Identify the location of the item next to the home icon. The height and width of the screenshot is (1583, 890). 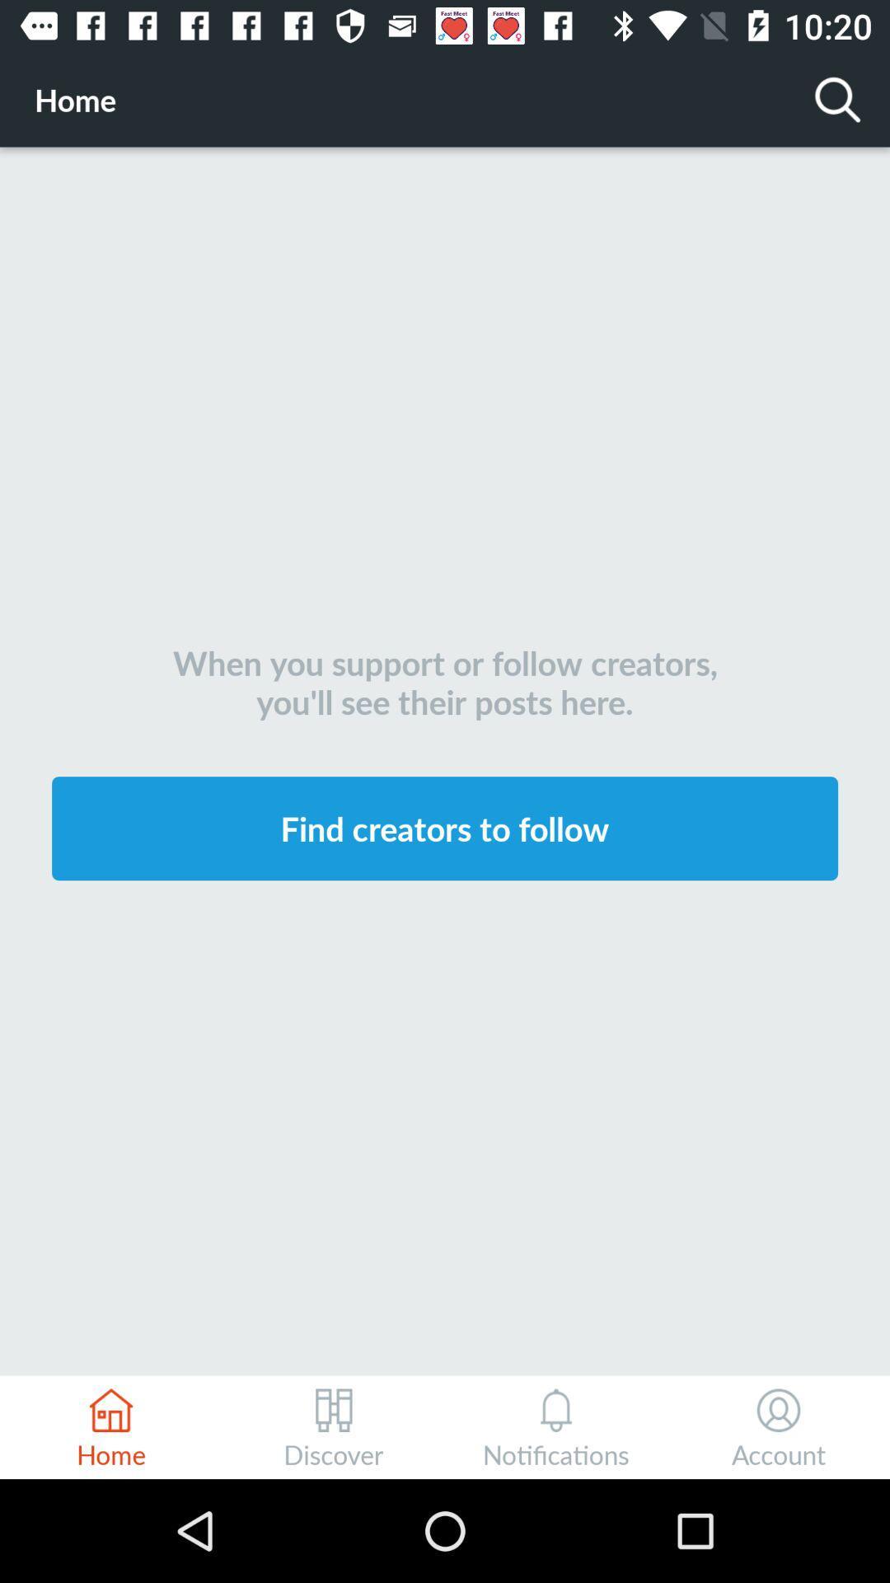
(838, 98).